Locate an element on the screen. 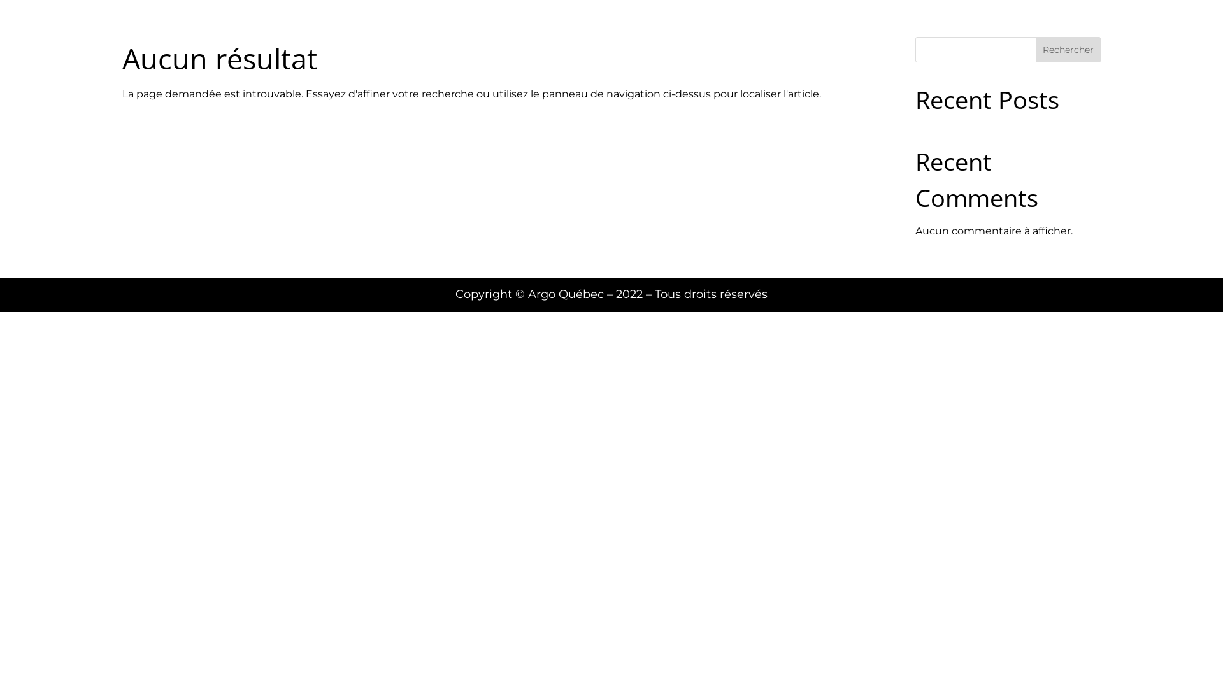 This screenshot has width=1223, height=688. 'Rechercher' is located at coordinates (1068, 48).